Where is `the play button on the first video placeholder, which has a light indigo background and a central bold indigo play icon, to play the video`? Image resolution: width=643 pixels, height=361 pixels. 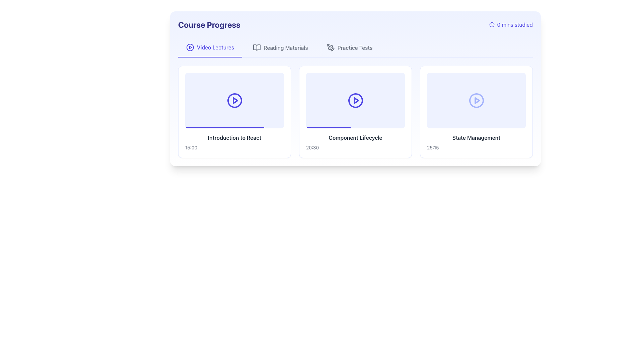
the play button on the first video placeholder, which has a light indigo background and a central bold indigo play icon, to play the video is located at coordinates (234, 100).